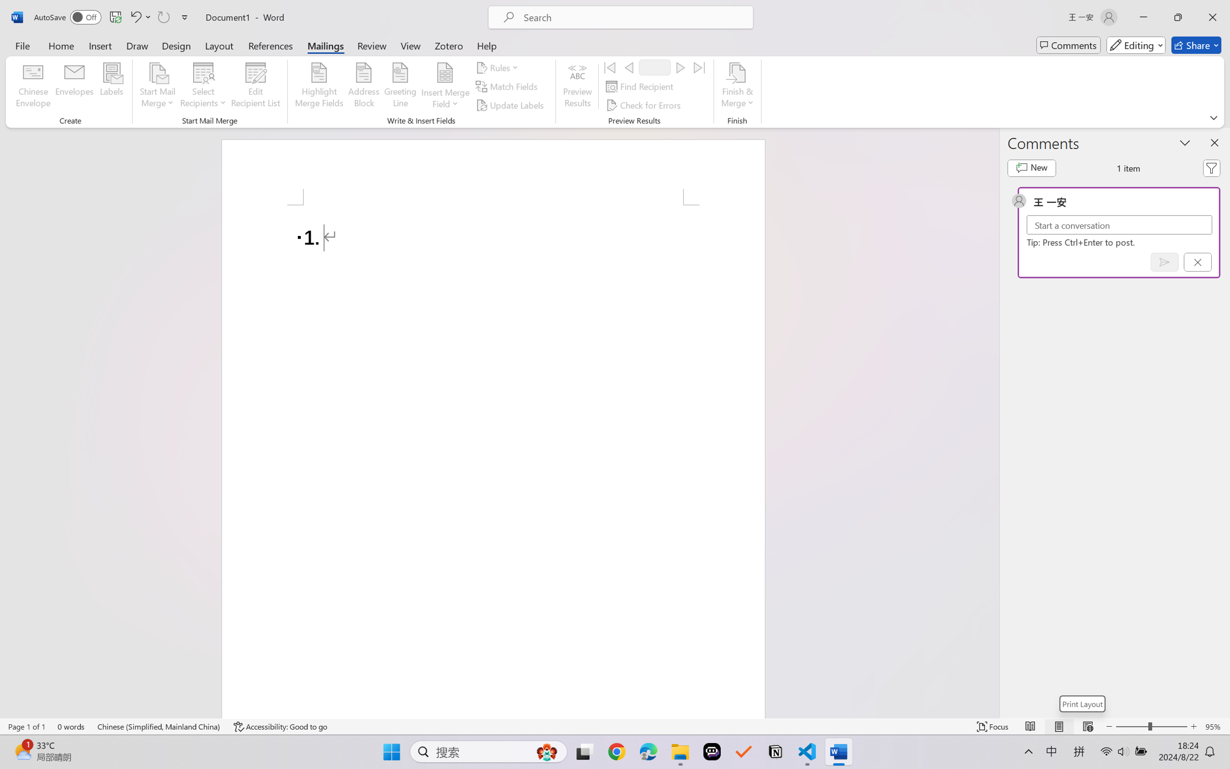  I want to click on 'Preview Results', so click(578, 86).